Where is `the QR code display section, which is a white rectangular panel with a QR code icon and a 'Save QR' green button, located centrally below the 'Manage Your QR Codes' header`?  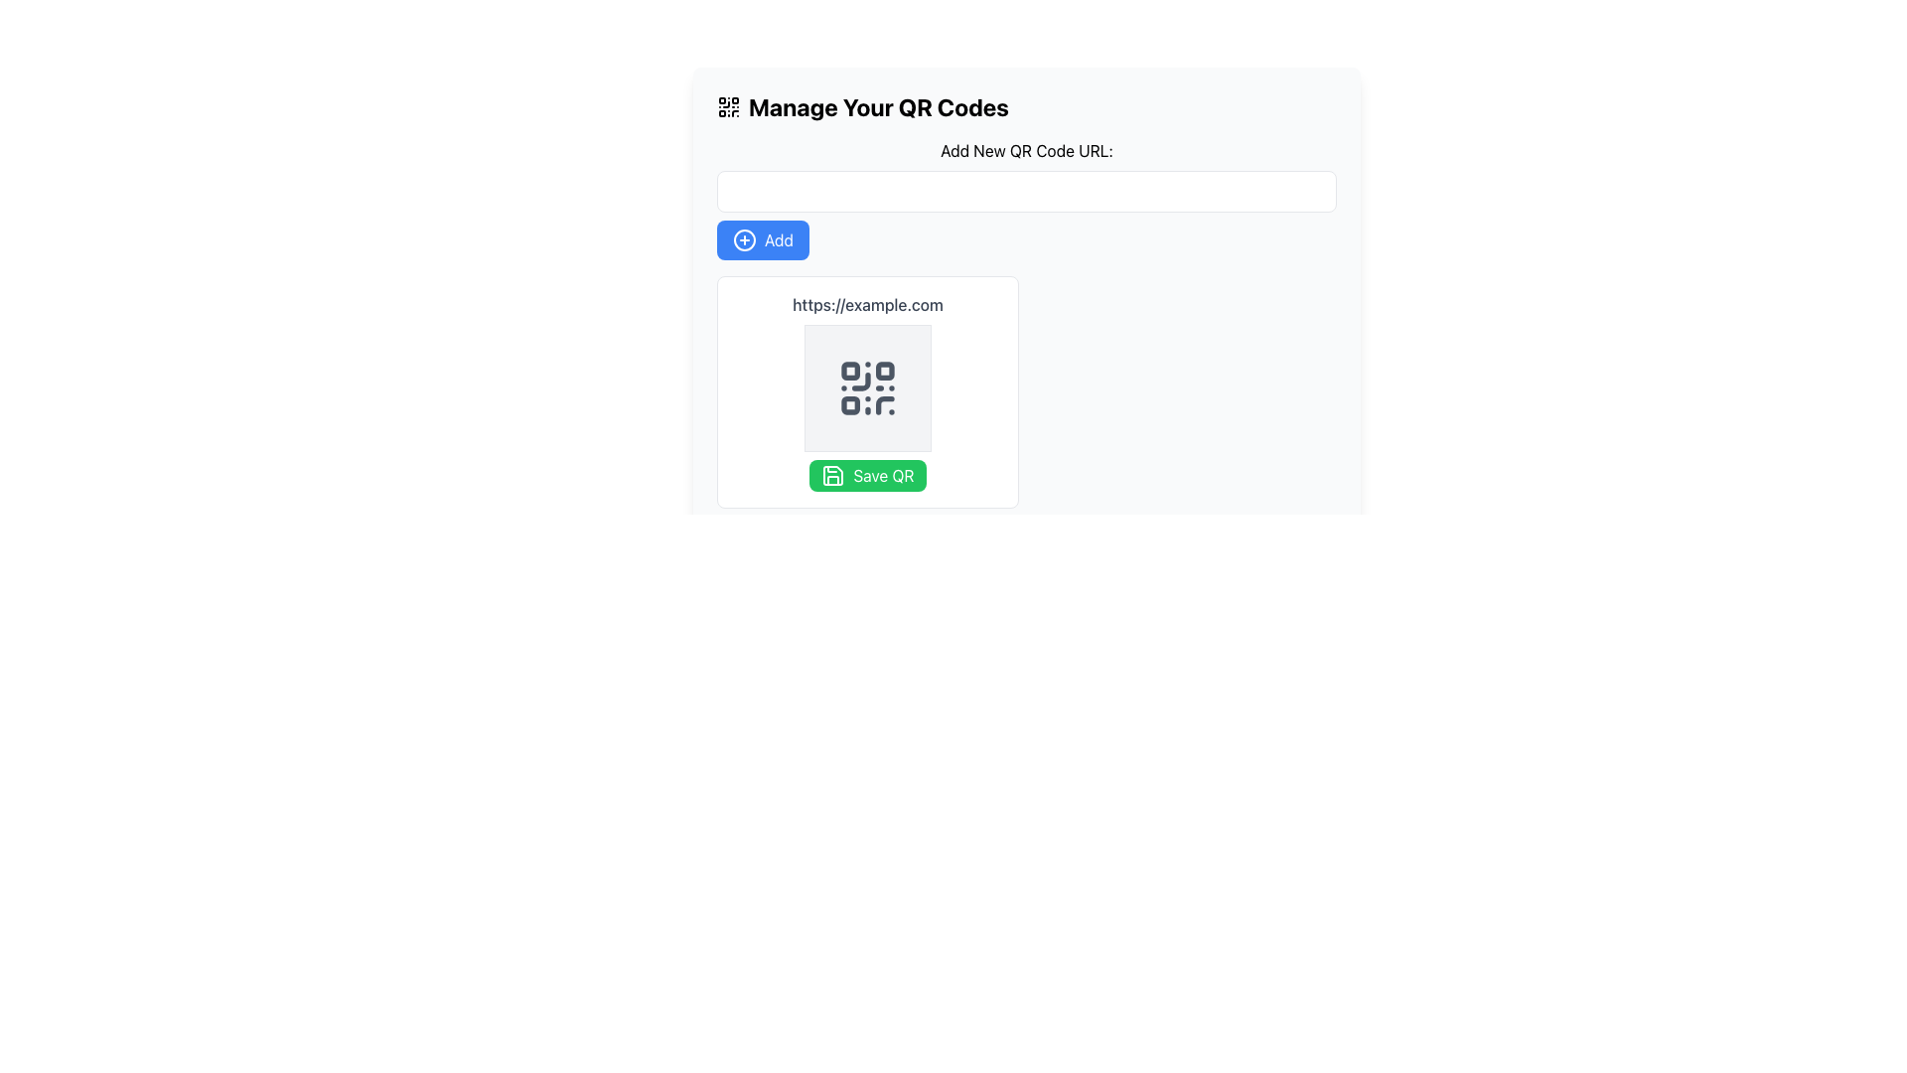 the QR code display section, which is a white rectangular panel with a QR code icon and a 'Save QR' green button, located centrally below the 'Manage Your QR Codes' header is located at coordinates (867, 391).